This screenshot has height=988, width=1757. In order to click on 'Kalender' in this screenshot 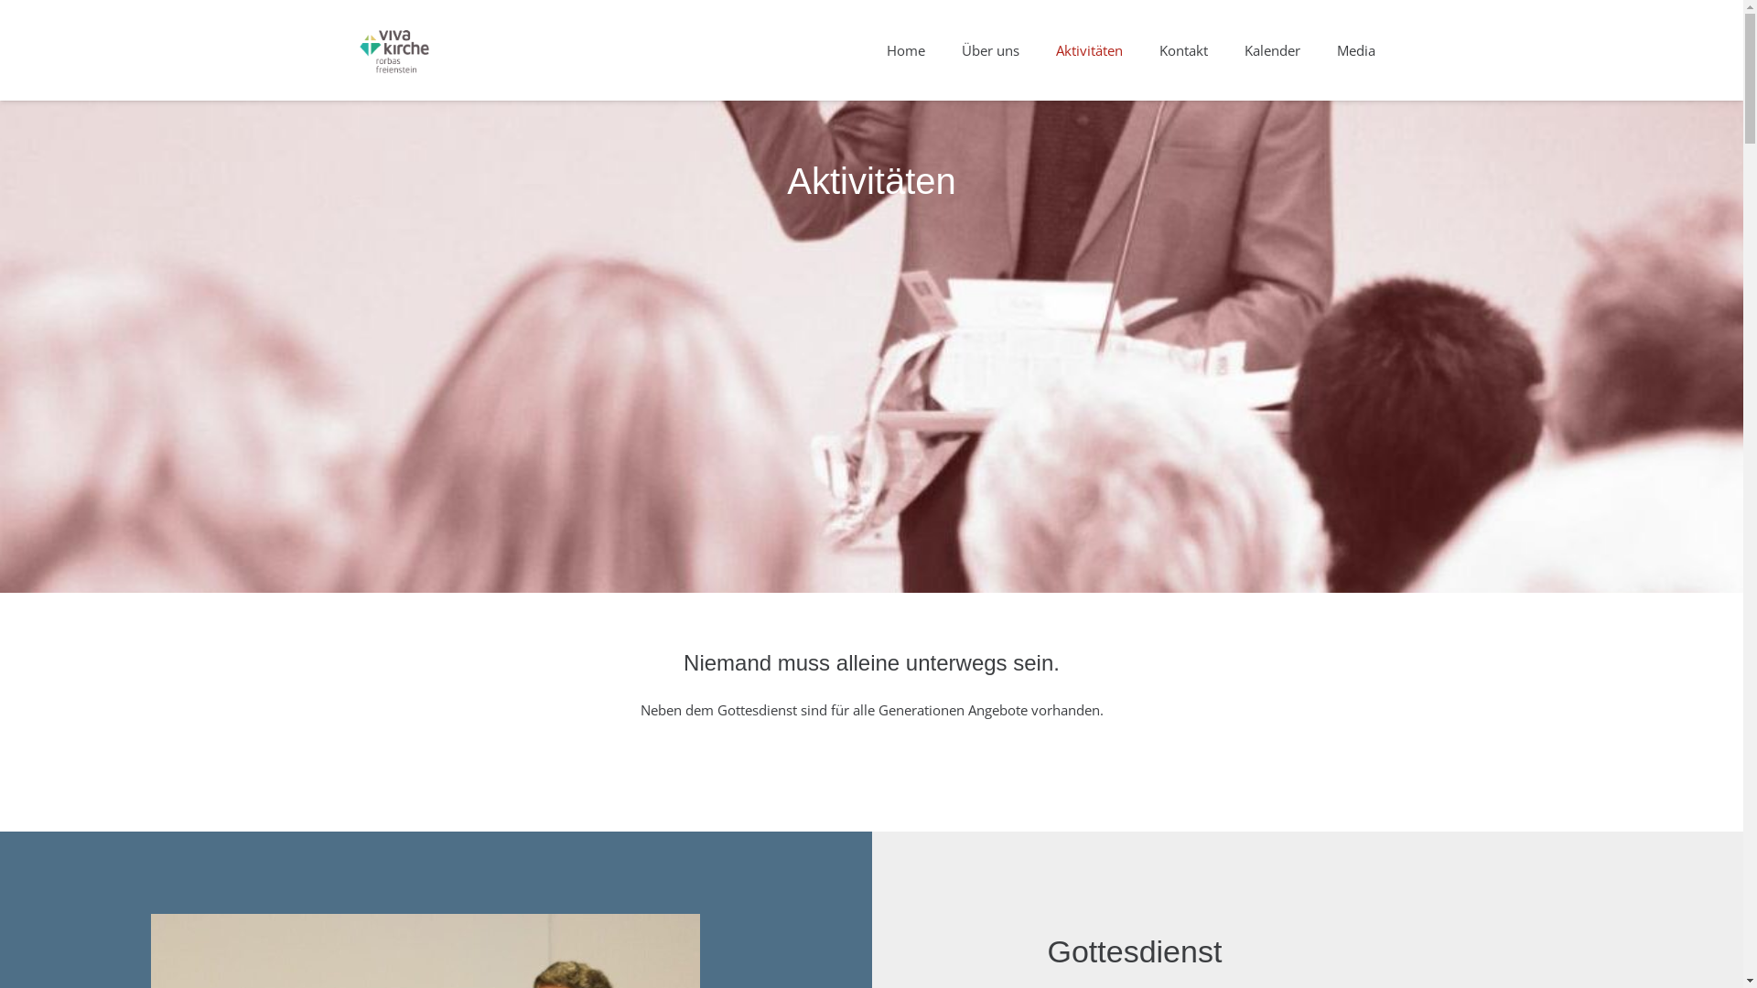, I will do `click(1271, 48)`.